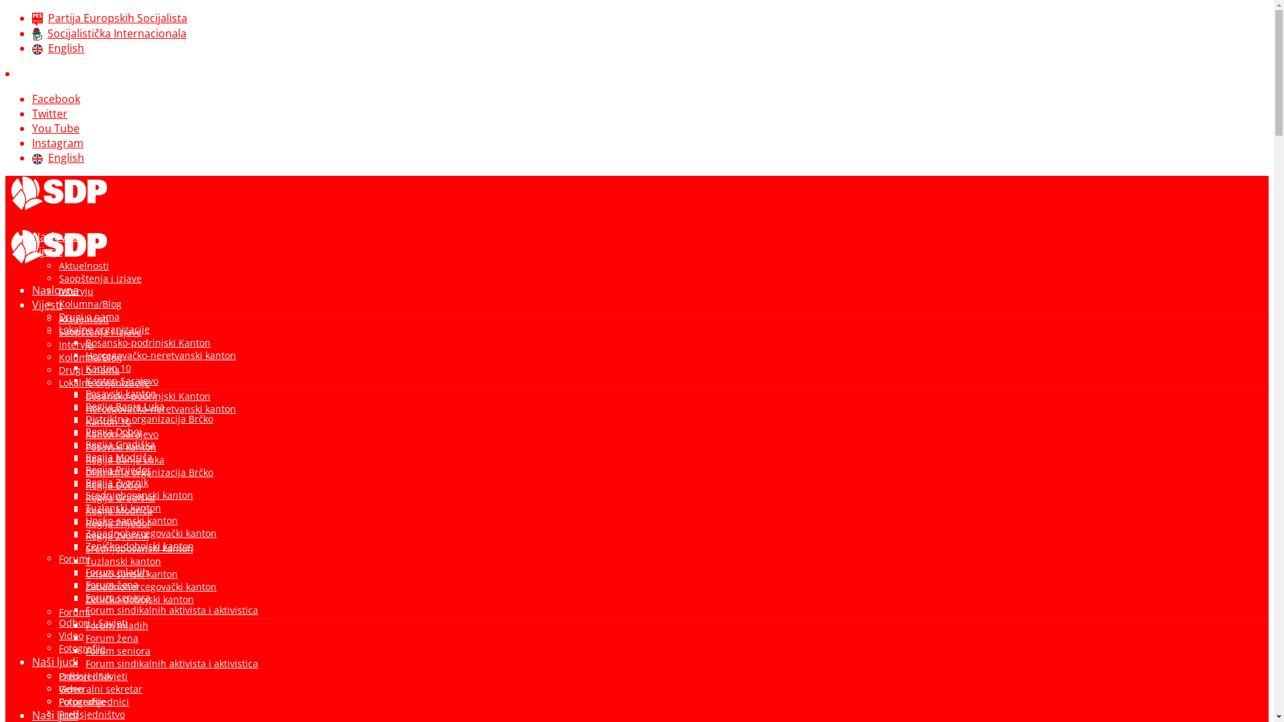 The height and width of the screenshot is (722, 1284). What do you see at coordinates (74, 612) in the screenshot?
I see `'Forumi'` at bounding box center [74, 612].